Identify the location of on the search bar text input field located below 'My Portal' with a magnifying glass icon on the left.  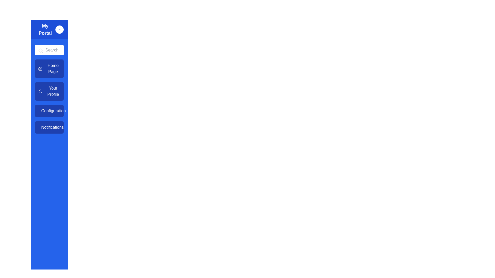
(49, 50).